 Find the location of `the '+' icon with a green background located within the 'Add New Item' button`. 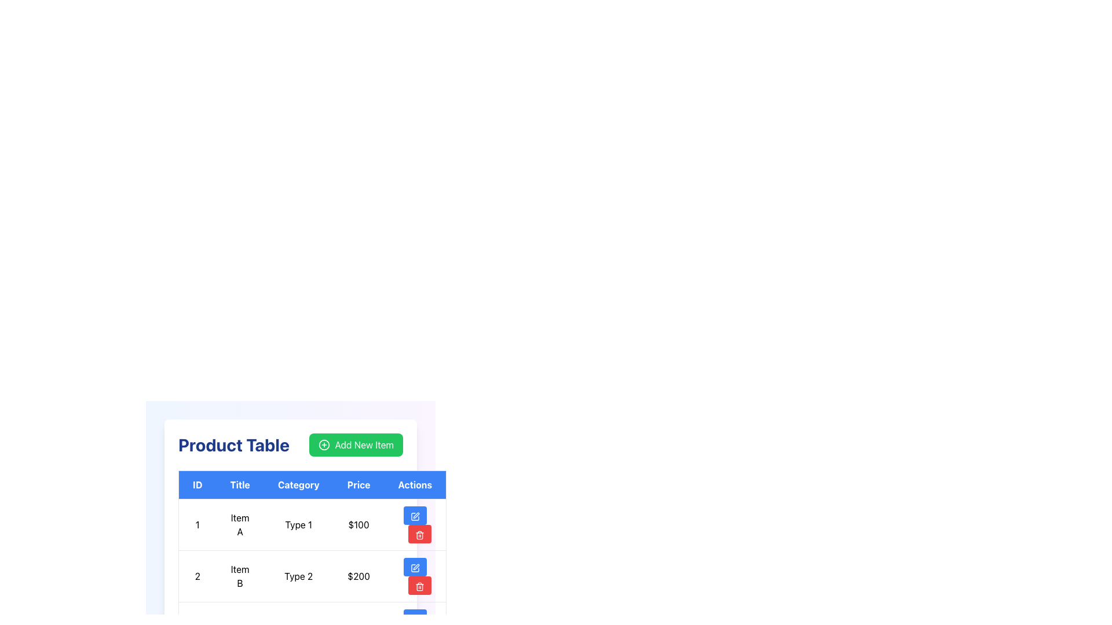

the '+' icon with a green background located within the 'Add New Item' button is located at coordinates (324, 444).